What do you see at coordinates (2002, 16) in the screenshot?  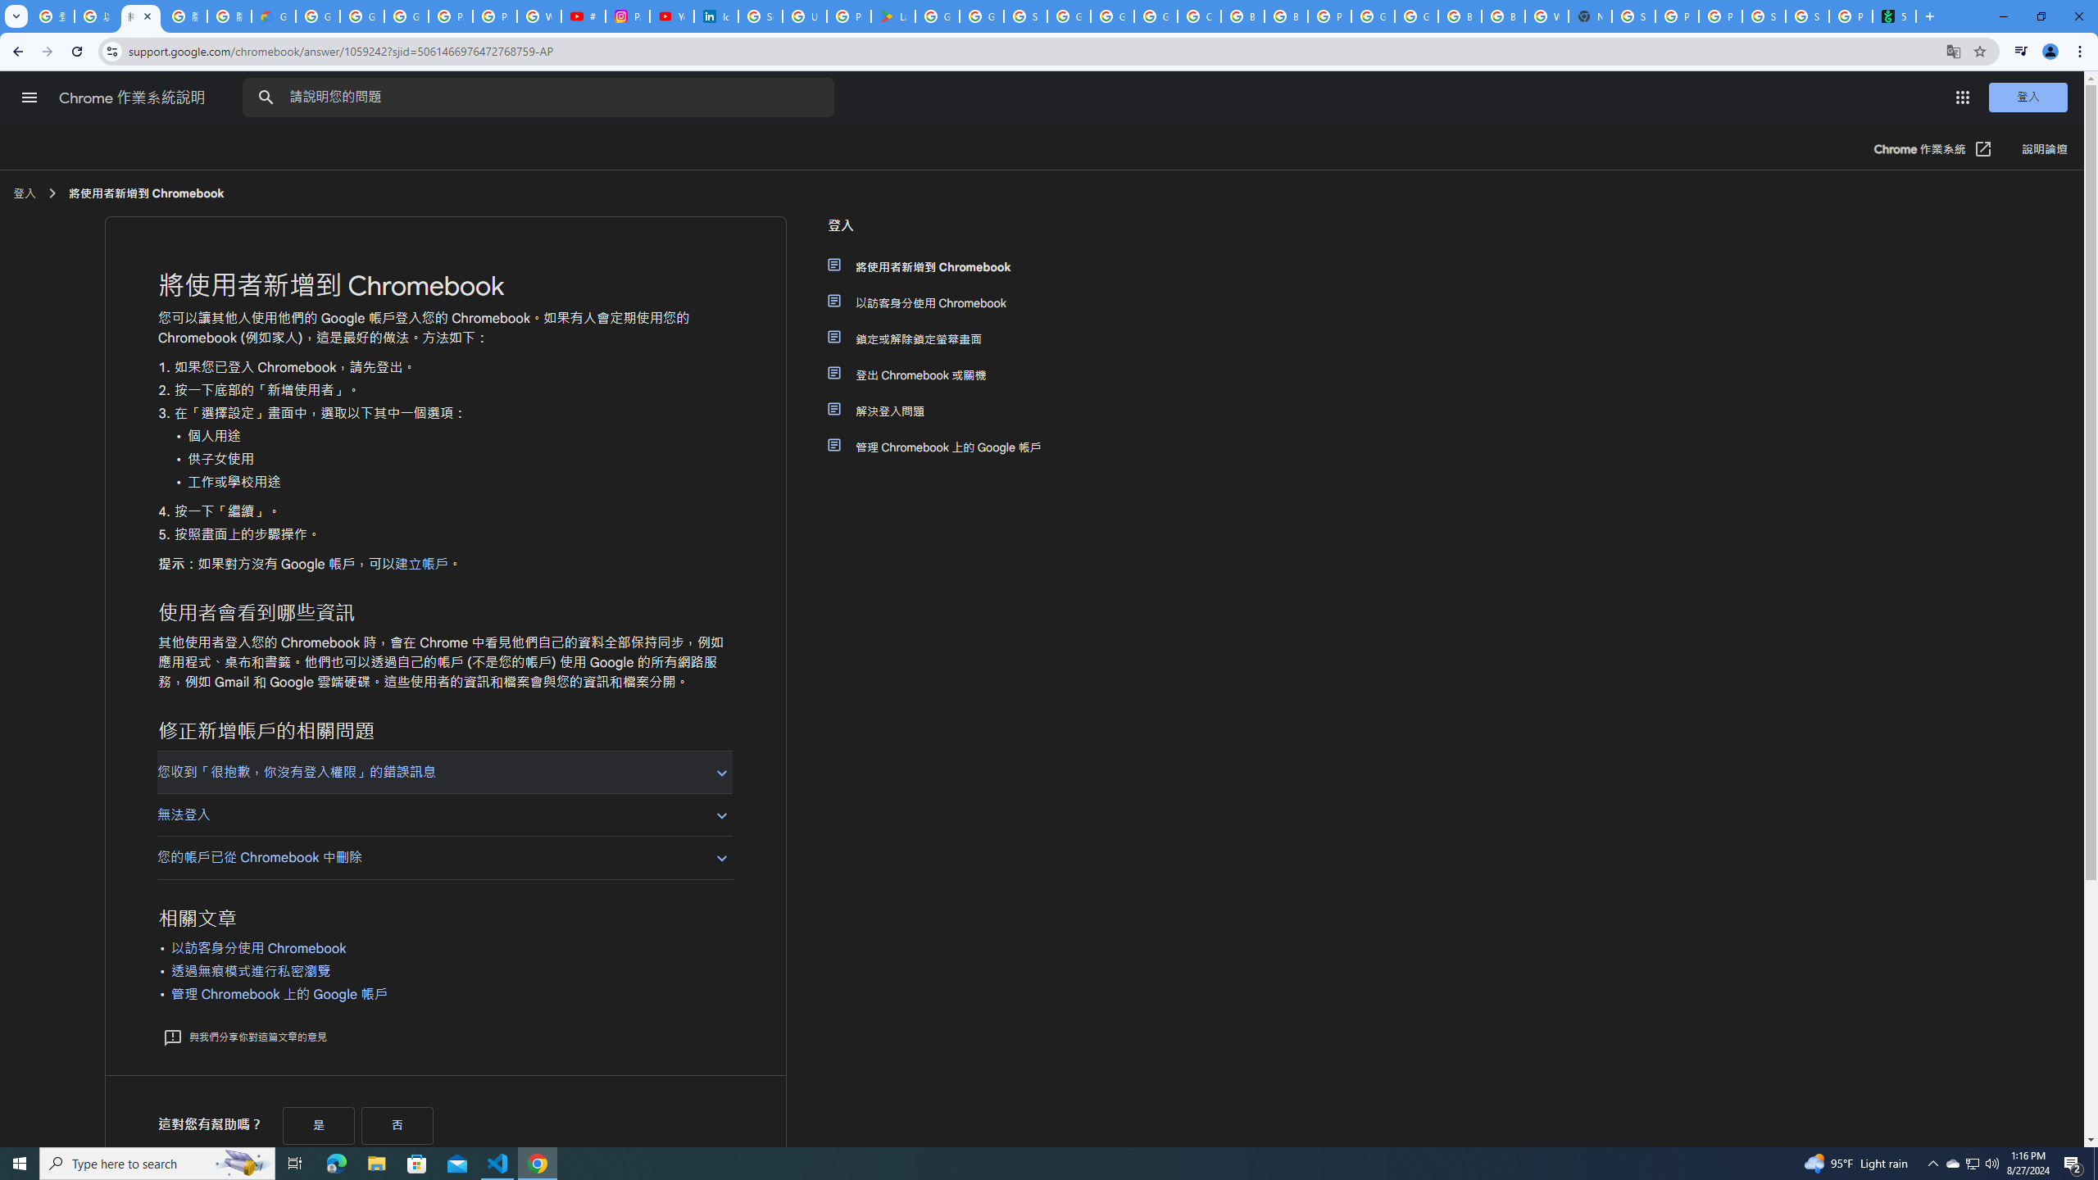 I see `'Minimize'` at bounding box center [2002, 16].